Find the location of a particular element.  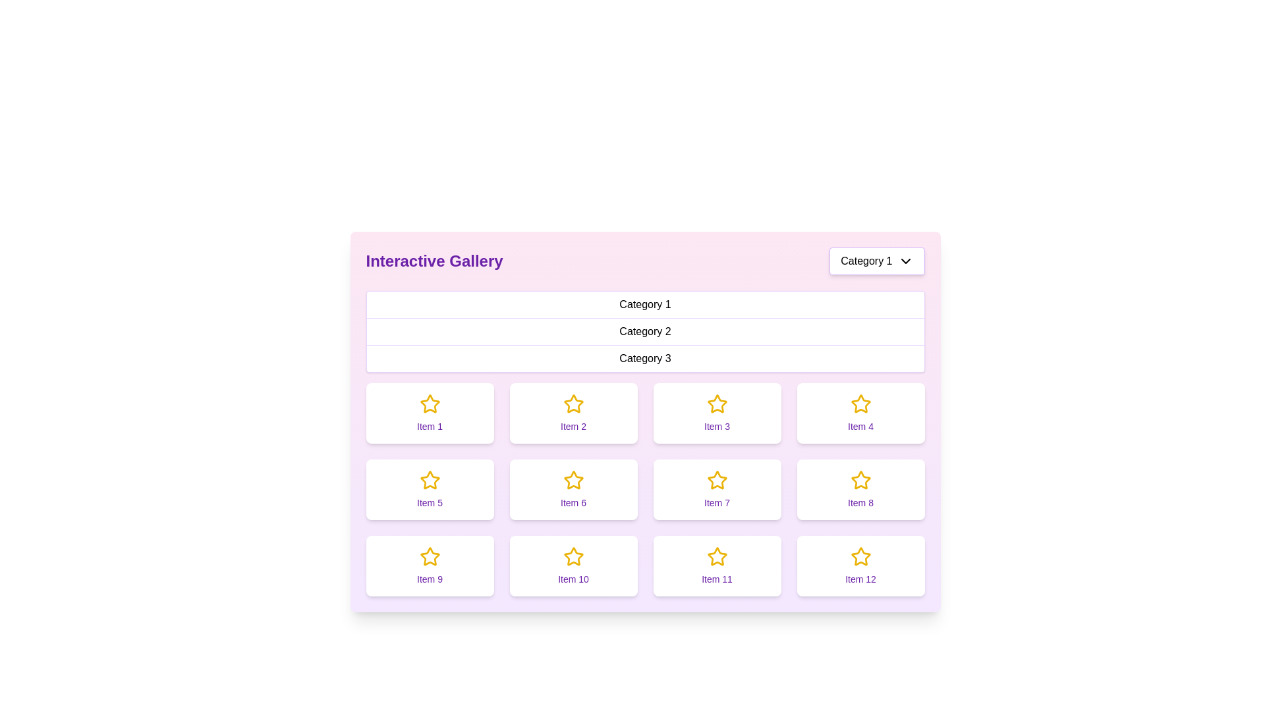

the rectangular card with rounded corners, white background, yellow star icon, and purple text 'Item 7', which is the third item in the second row of a 4-column grid layout is located at coordinates (716, 490).